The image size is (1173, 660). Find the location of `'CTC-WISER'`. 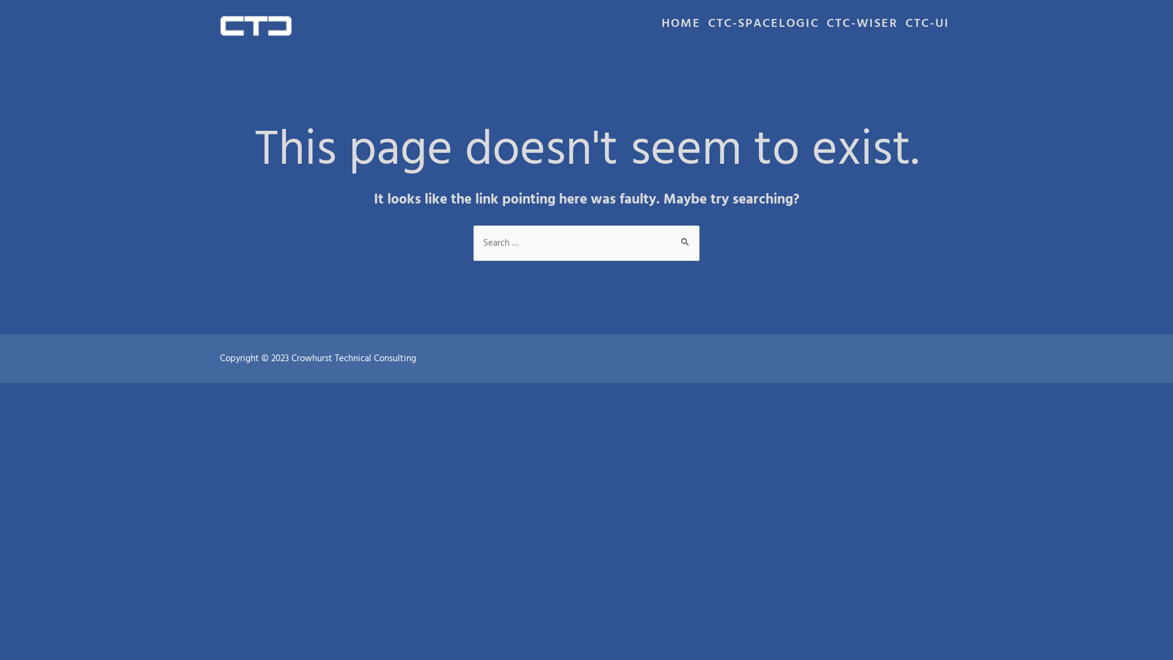

'CTC-WISER' is located at coordinates (861, 28).